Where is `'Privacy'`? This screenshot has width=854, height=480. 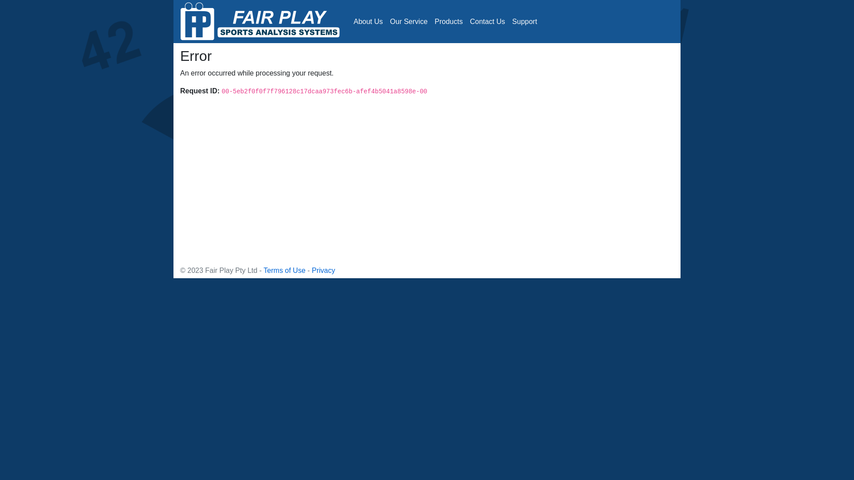 'Privacy' is located at coordinates (322, 270).